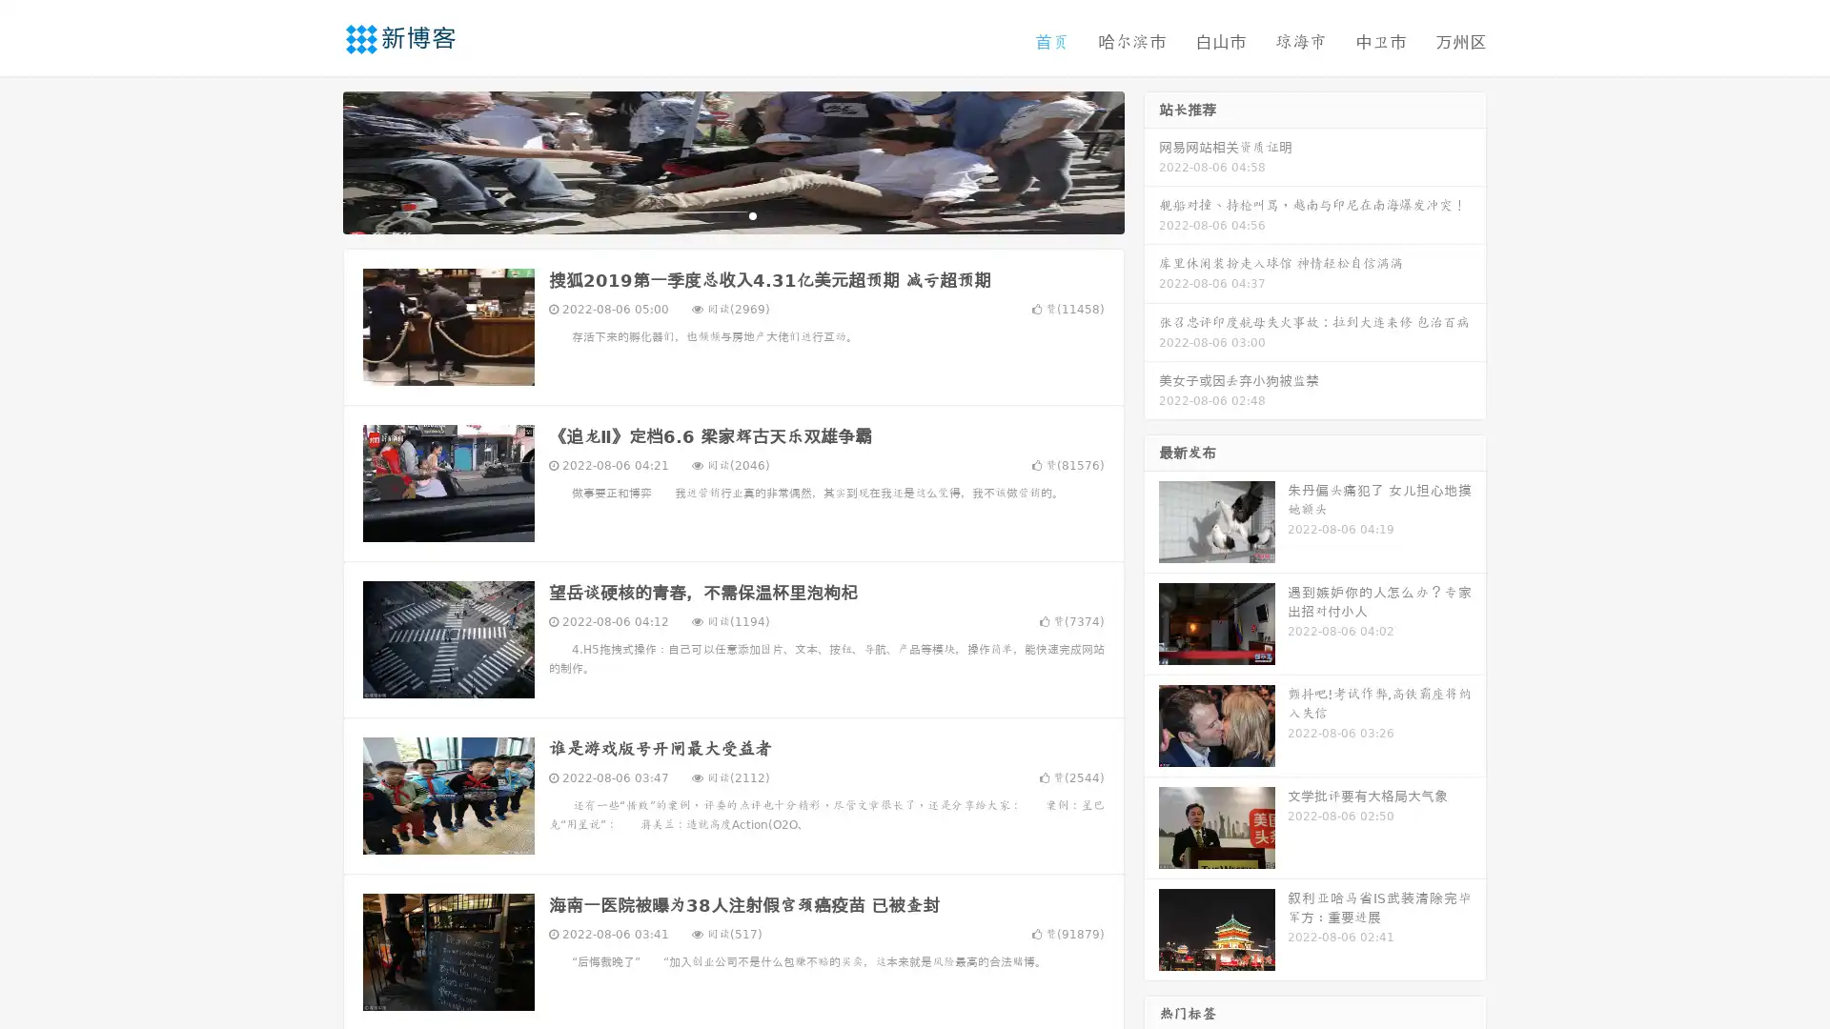 Image resolution: width=1830 pixels, height=1029 pixels. Describe the element at coordinates (1151, 160) in the screenshot. I see `Next slide` at that location.